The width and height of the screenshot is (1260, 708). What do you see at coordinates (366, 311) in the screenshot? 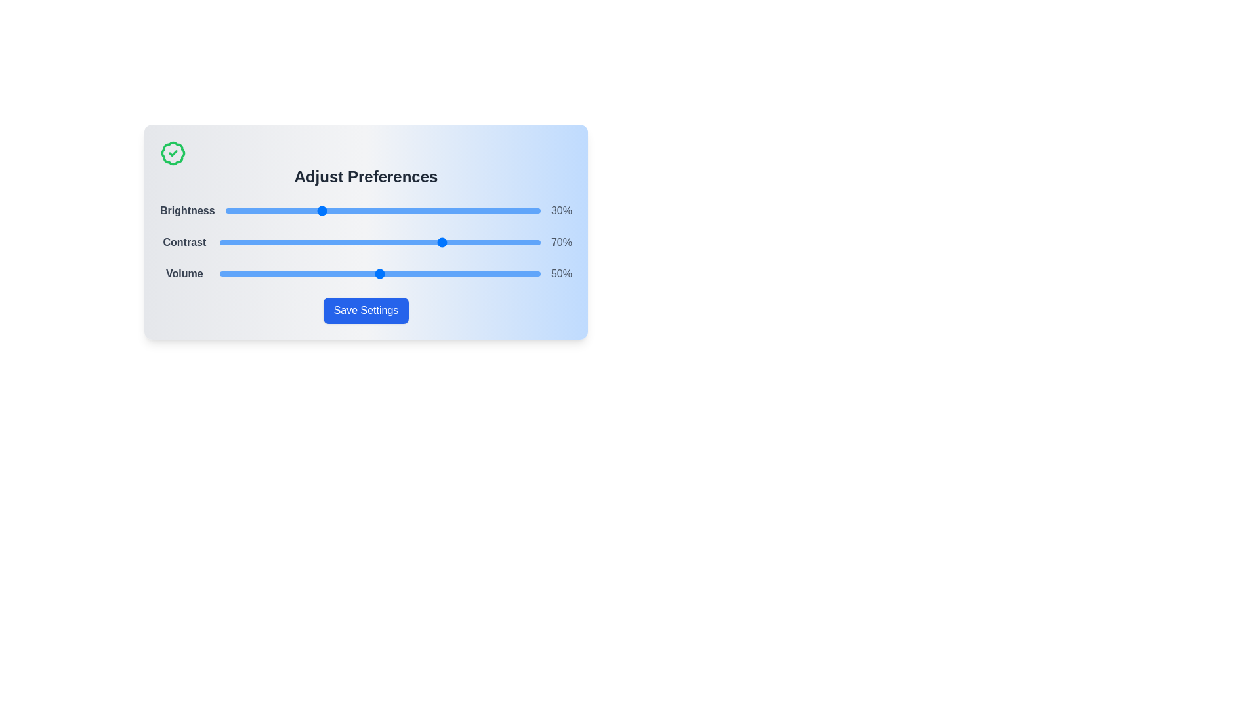
I see `'Save Settings' button to confirm the adjusted preferences` at bounding box center [366, 311].